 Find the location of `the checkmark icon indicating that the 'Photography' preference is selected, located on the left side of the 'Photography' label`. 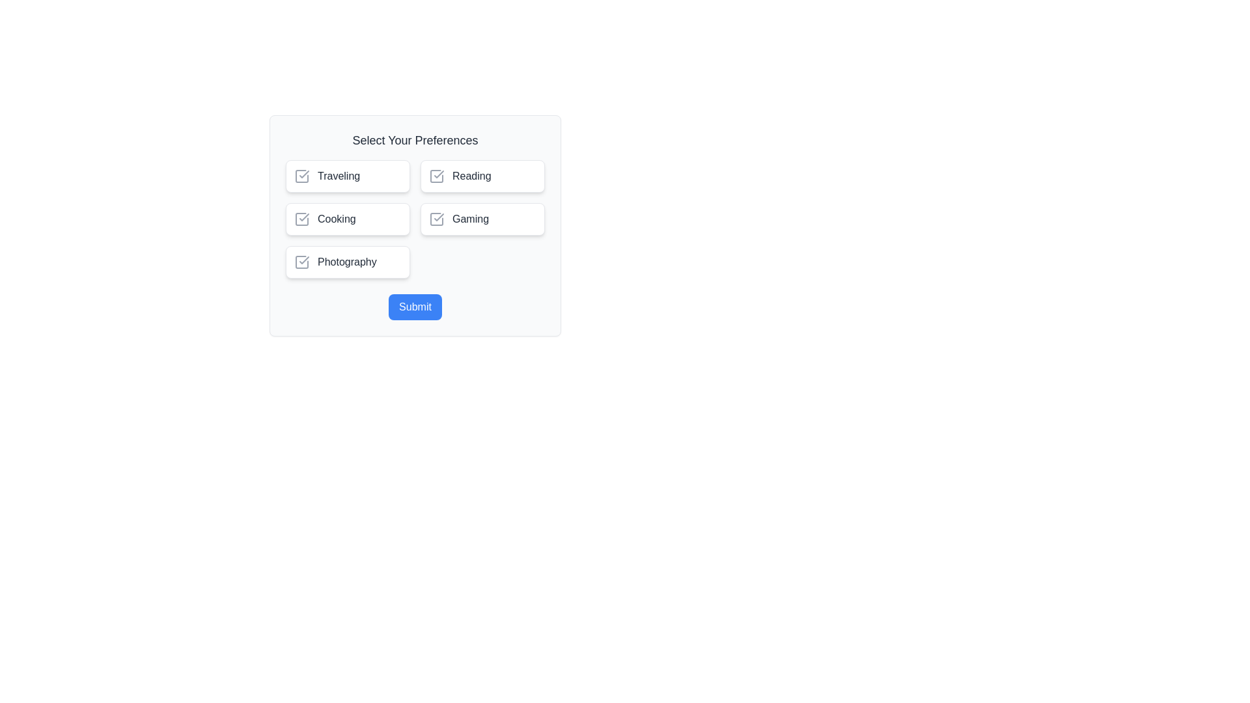

the checkmark icon indicating that the 'Photography' preference is selected, located on the left side of the 'Photography' label is located at coordinates (301, 262).